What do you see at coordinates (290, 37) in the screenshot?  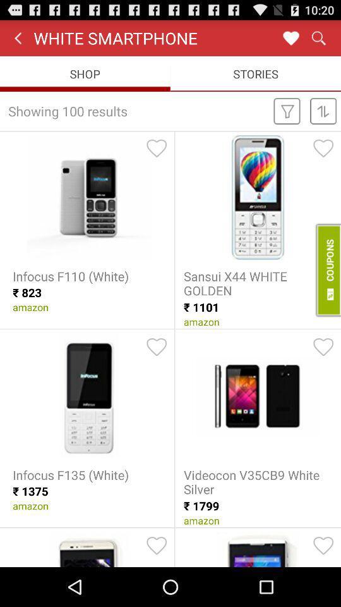 I see `favourites` at bounding box center [290, 37].